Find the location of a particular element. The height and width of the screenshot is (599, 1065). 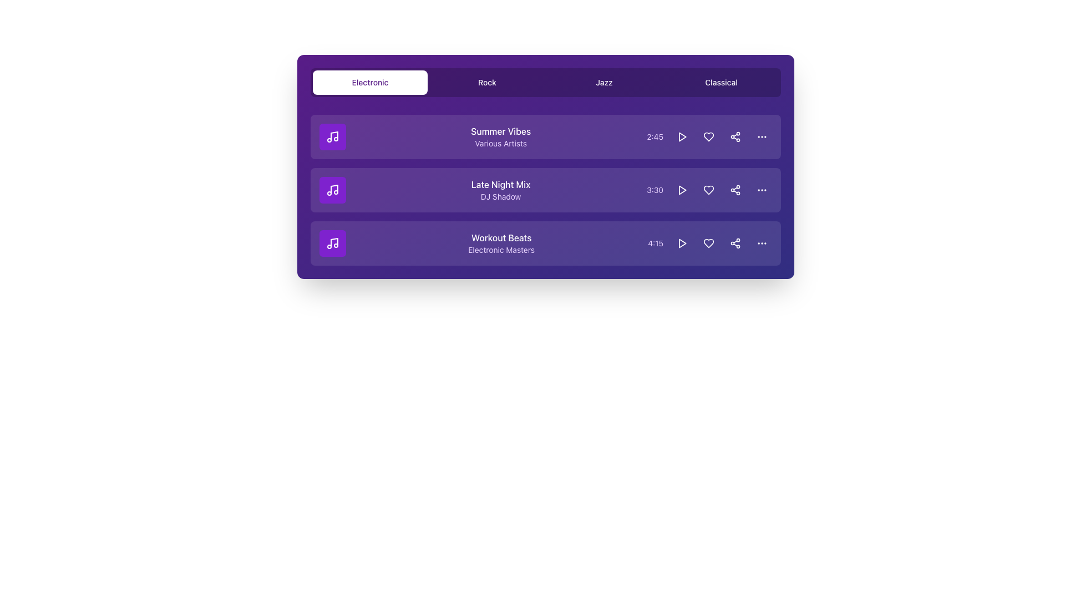

the heart icon button located in the rightmost section of the first row of the track list to mark the associated track as a favorite is located at coordinates (708, 136).